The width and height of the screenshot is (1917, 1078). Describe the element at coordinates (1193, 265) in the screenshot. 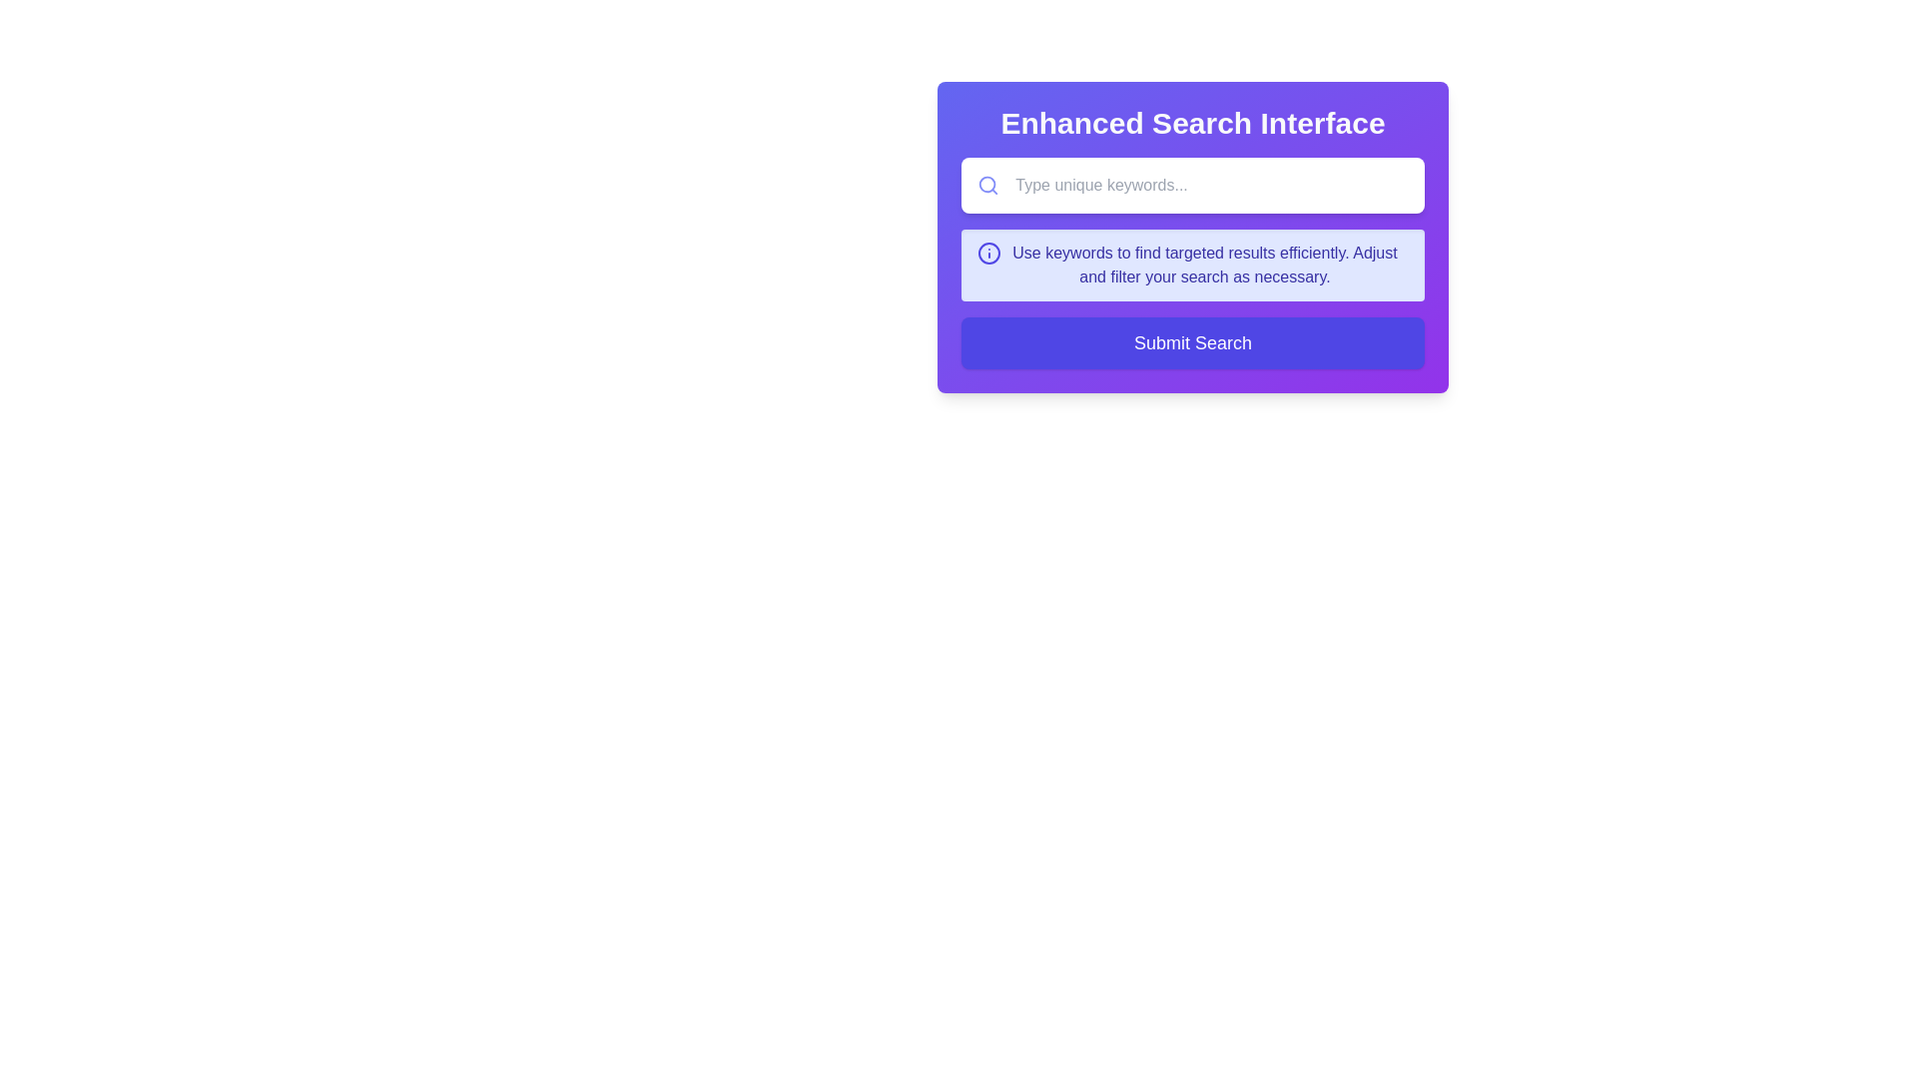

I see `text content from the informational panel with a light indigo background, rounded corners, and an informational icon on the left, located below the text input field for keywords` at that location.